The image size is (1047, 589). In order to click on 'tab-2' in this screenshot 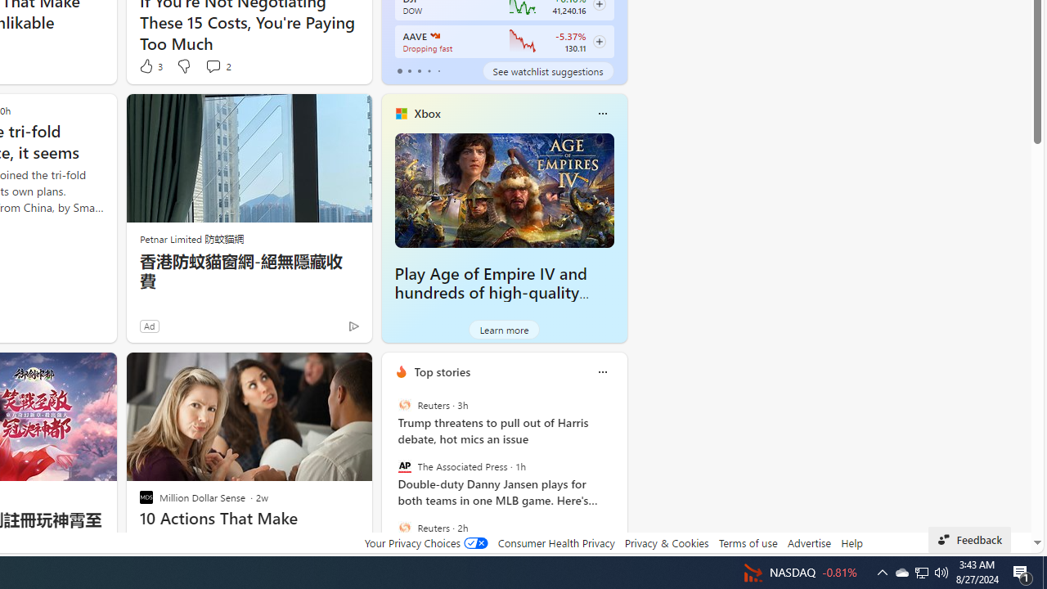, I will do `click(419, 70)`.